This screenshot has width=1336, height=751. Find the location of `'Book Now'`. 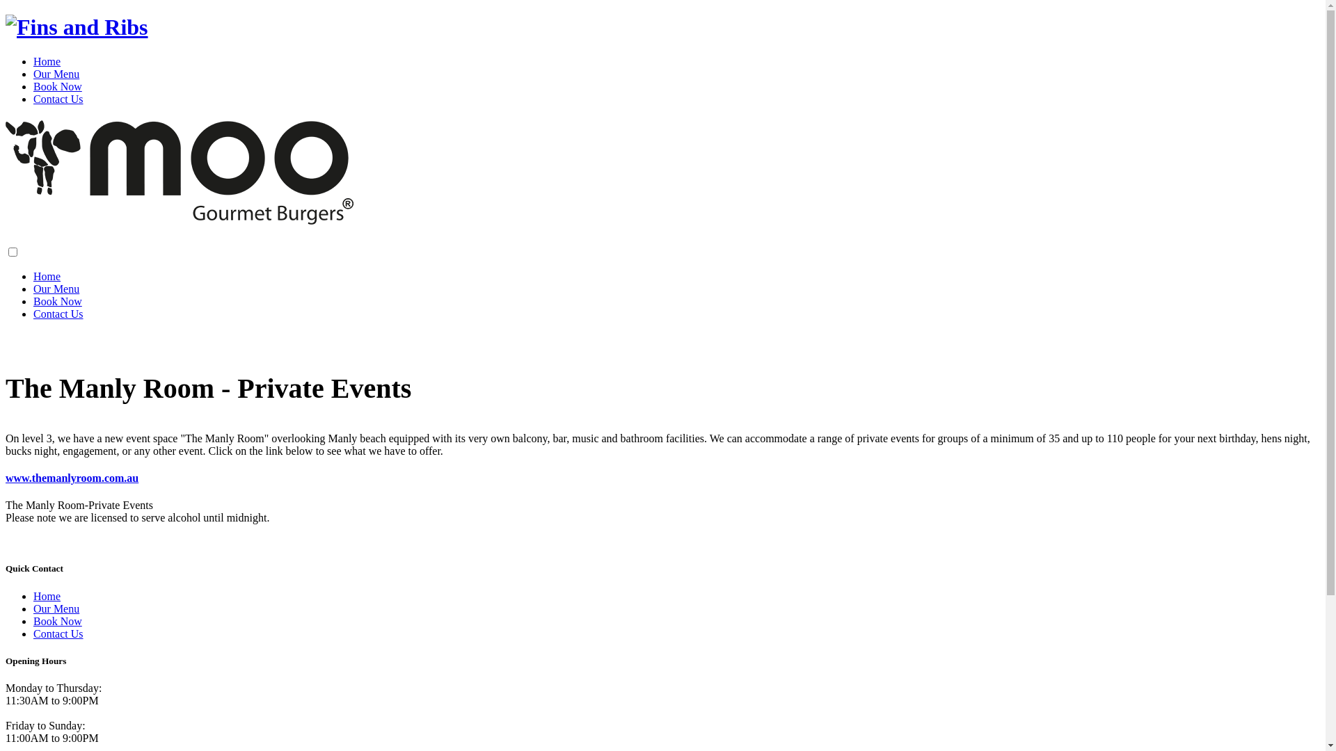

'Book Now' is located at coordinates (56, 300).